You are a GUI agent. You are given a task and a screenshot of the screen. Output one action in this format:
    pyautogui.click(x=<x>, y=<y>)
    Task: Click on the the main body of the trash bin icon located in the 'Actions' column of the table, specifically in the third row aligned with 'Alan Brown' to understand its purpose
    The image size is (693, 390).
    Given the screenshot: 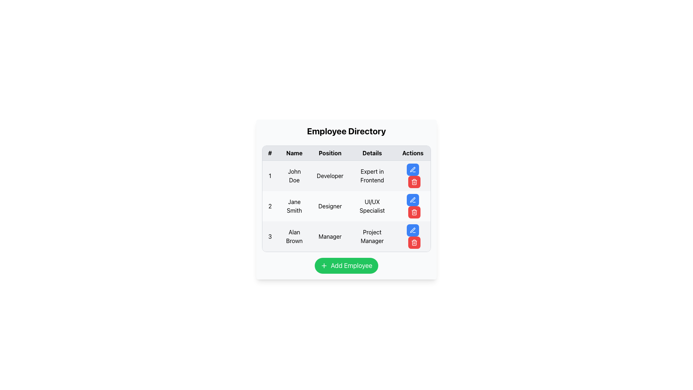 What is the action you would take?
    pyautogui.click(x=414, y=243)
    